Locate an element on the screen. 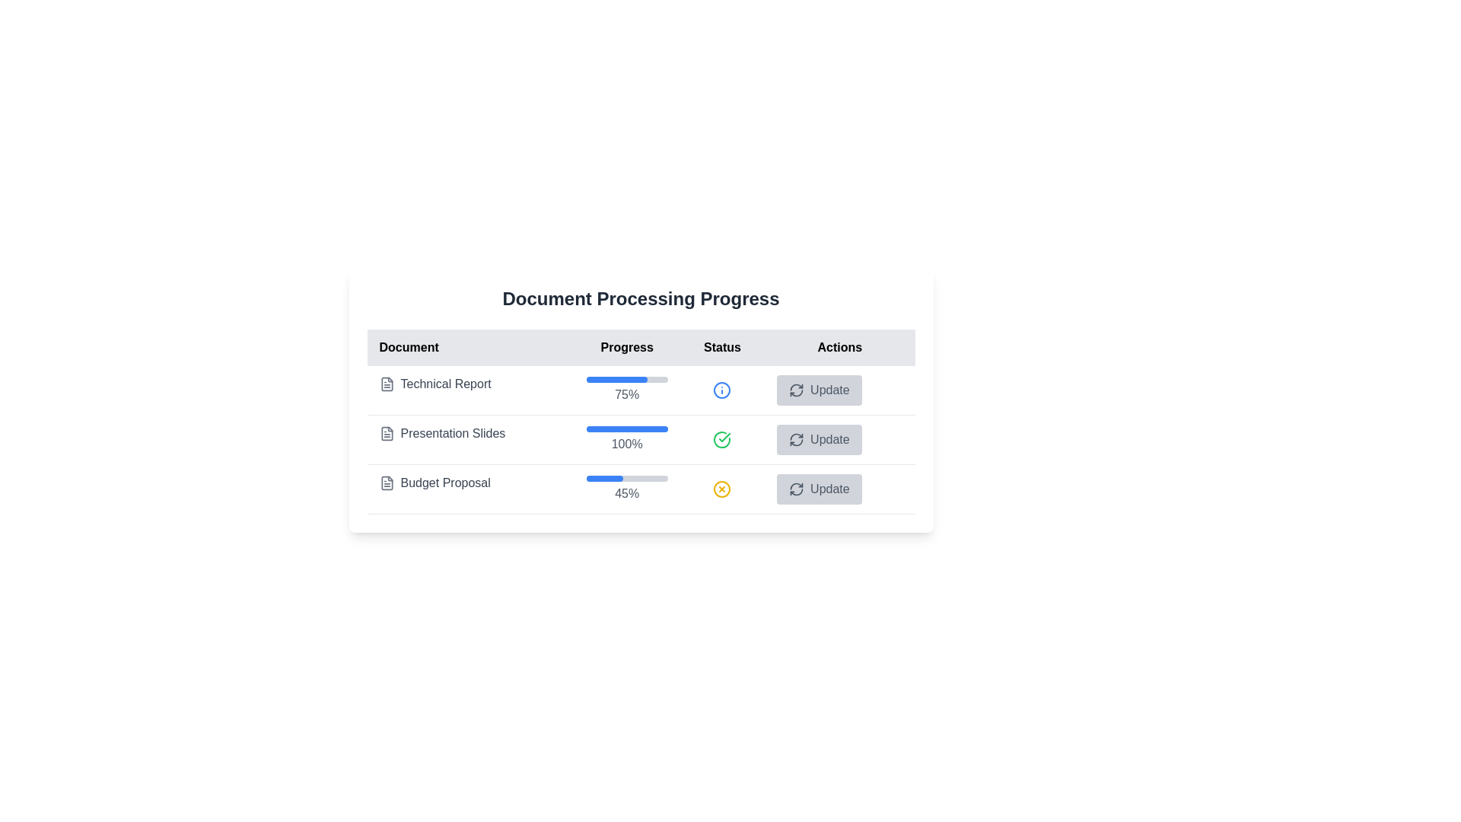  the 'Technical Report' text label, which is styled with a gray font and positioned next is located at coordinates (469, 384).